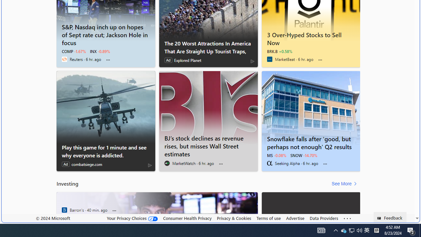 The height and width of the screenshot is (237, 421). I want to click on 'Terms of use', so click(268, 218).